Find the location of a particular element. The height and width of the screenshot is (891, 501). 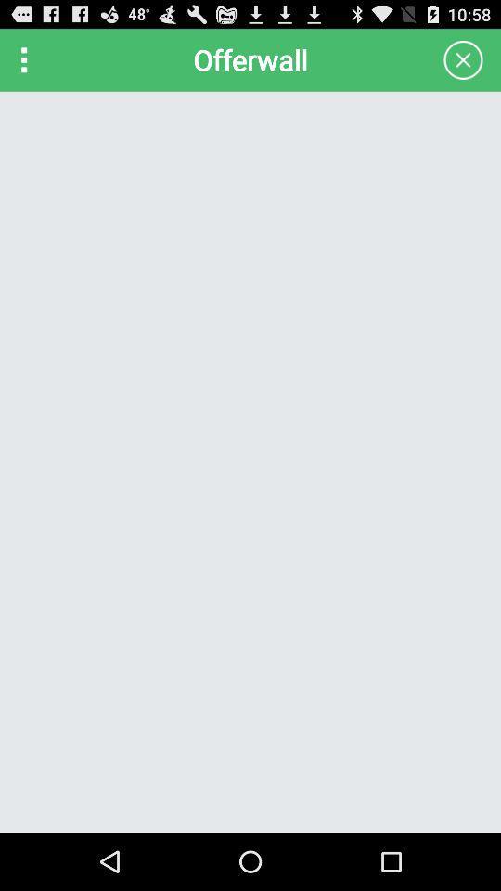

the close icon is located at coordinates (462, 64).